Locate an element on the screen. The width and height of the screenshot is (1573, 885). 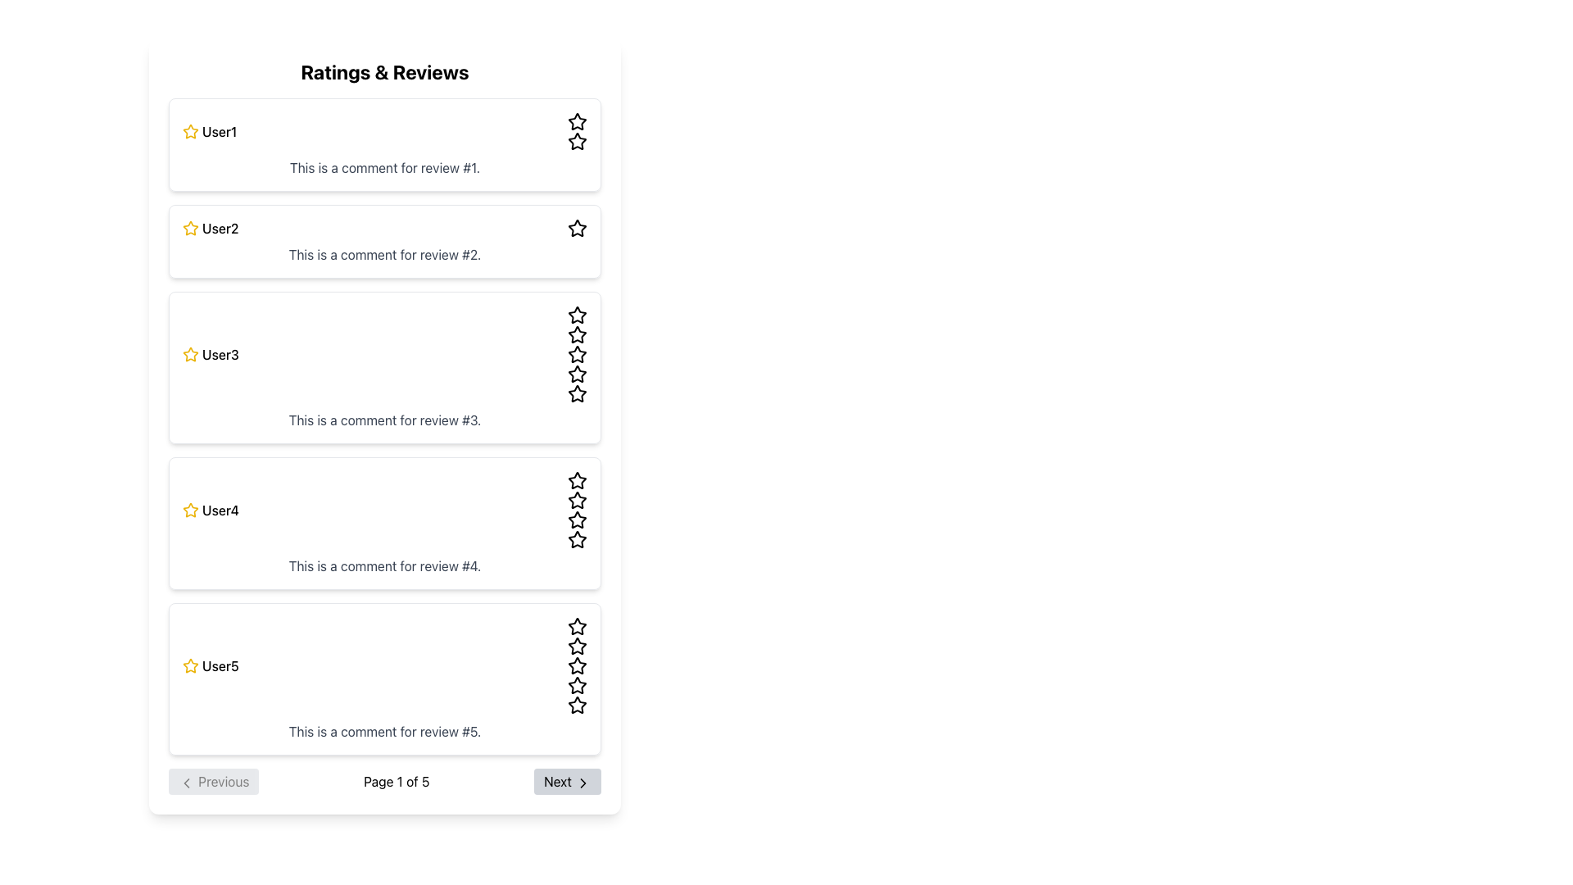
the chevron icon located at the bottom-right corner of the main interface is located at coordinates (583, 782).